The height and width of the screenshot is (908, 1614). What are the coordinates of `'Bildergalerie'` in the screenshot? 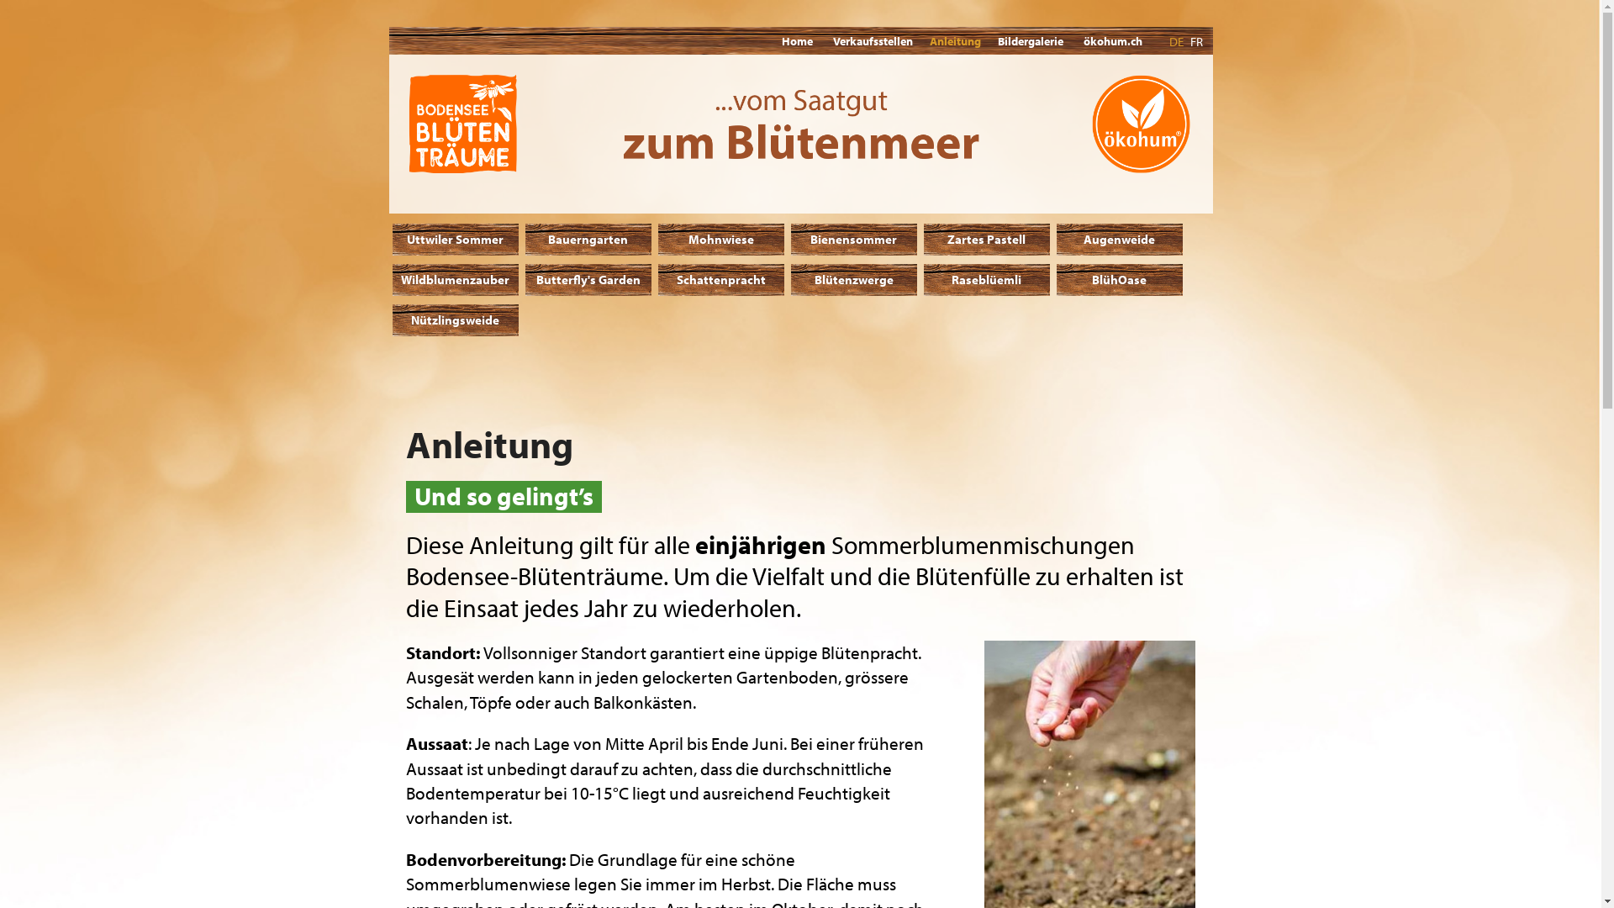 It's located at (1028, 41).